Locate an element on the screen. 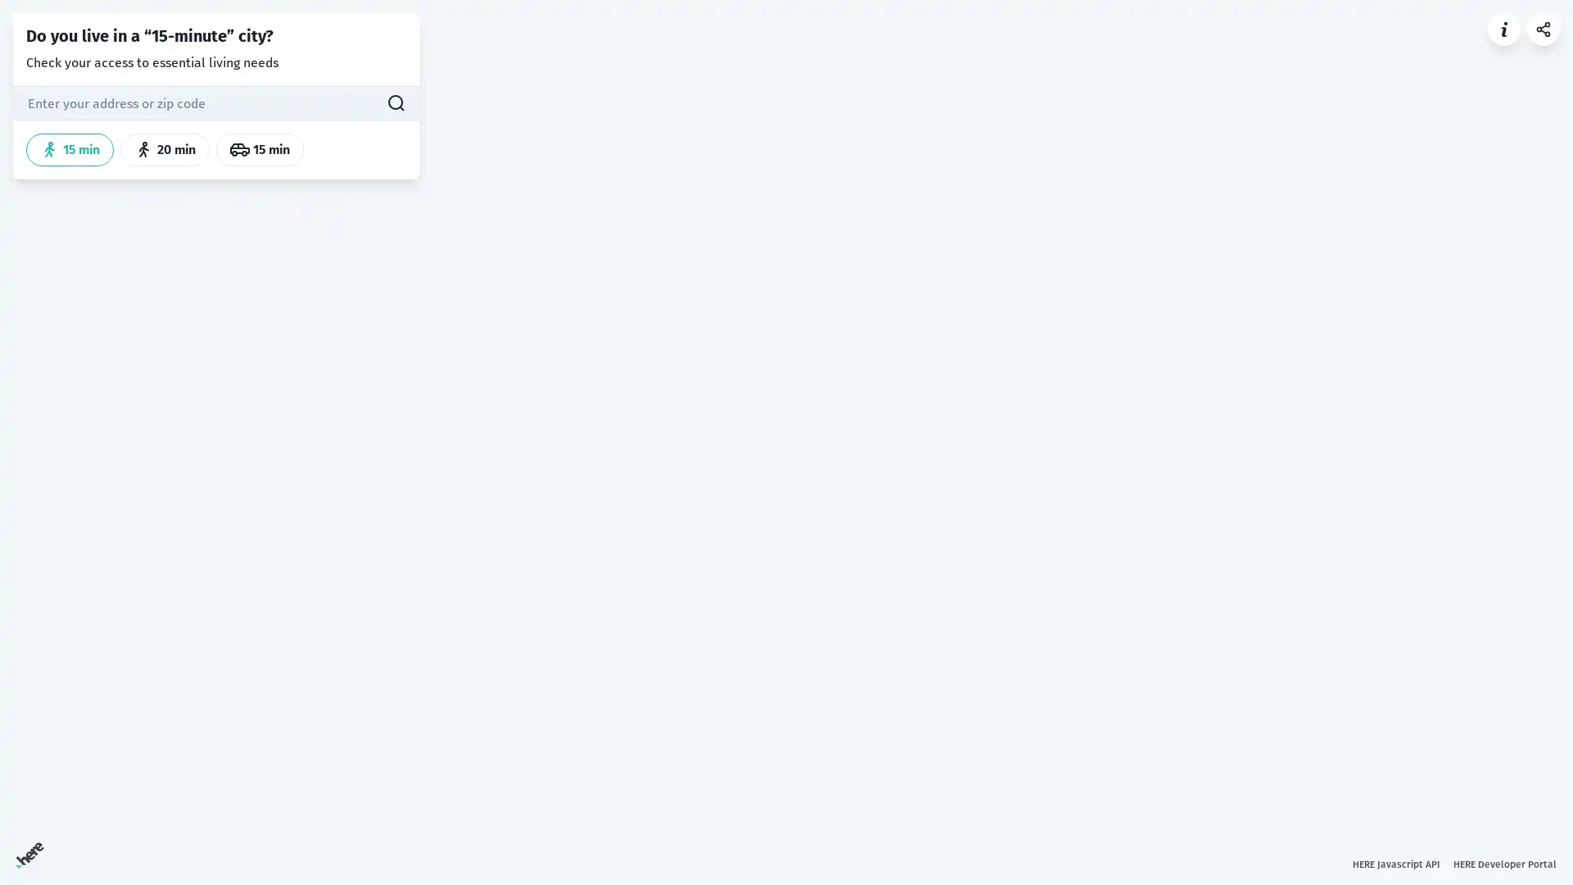  15 min is located at coordinates (259, 149).